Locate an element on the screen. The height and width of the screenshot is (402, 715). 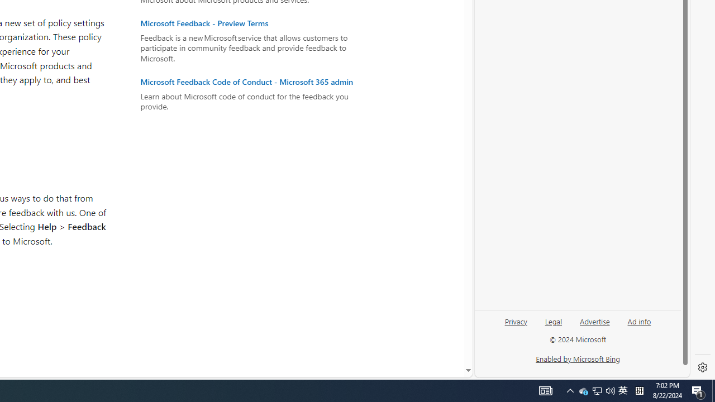
'Microsoft Feedback - Preview Terms' is located at coordinates (252, 23).